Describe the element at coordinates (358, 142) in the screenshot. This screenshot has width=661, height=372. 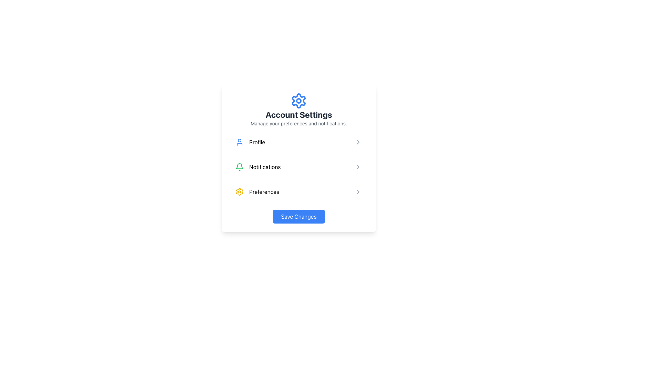
I see `the arrow icon located at the far right of the 'Profile' row in the 'Account Settings' panel` at that location.